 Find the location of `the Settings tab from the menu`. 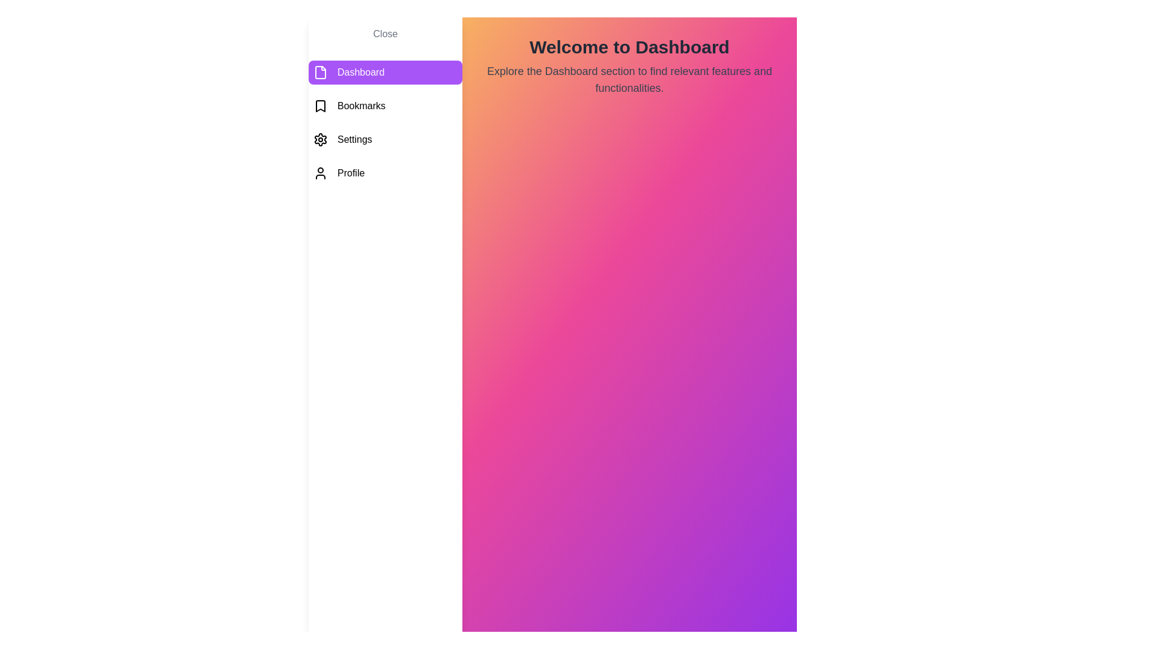

the Settings tab from the menu is located at coordinates (386, 139).